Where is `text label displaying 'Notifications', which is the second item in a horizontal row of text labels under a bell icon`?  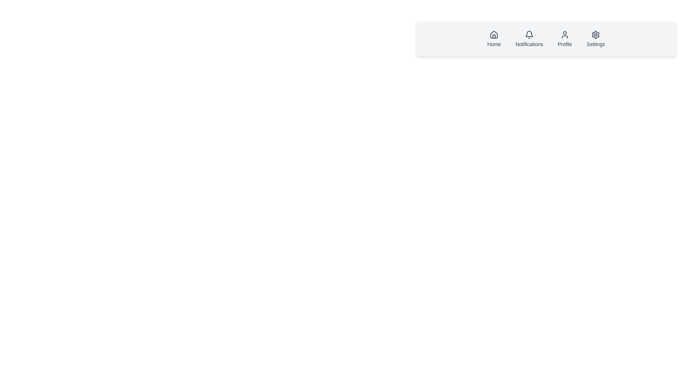 text label displaying 'Notifications', which is the second item in a horizontal row of text labels under a bell icon is located at coordinates (529, 44).